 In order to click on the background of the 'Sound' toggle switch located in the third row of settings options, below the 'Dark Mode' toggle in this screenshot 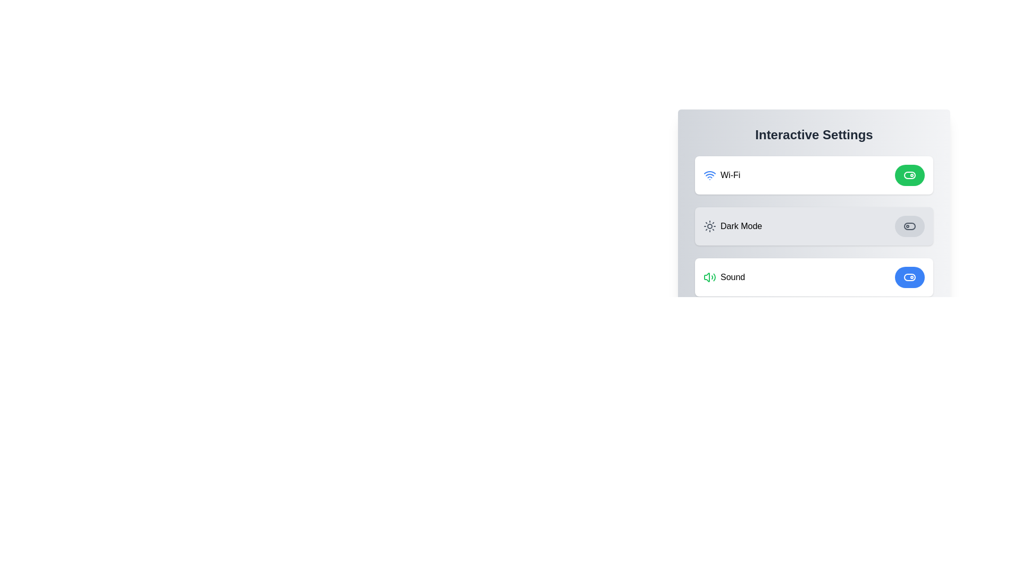, I will do `click(909, 276)`.